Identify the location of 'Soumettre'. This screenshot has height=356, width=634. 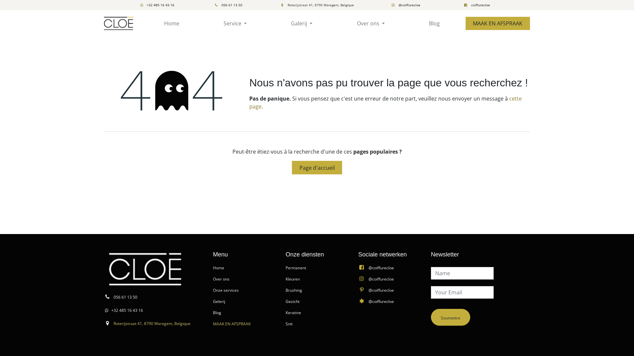
(450, 317).